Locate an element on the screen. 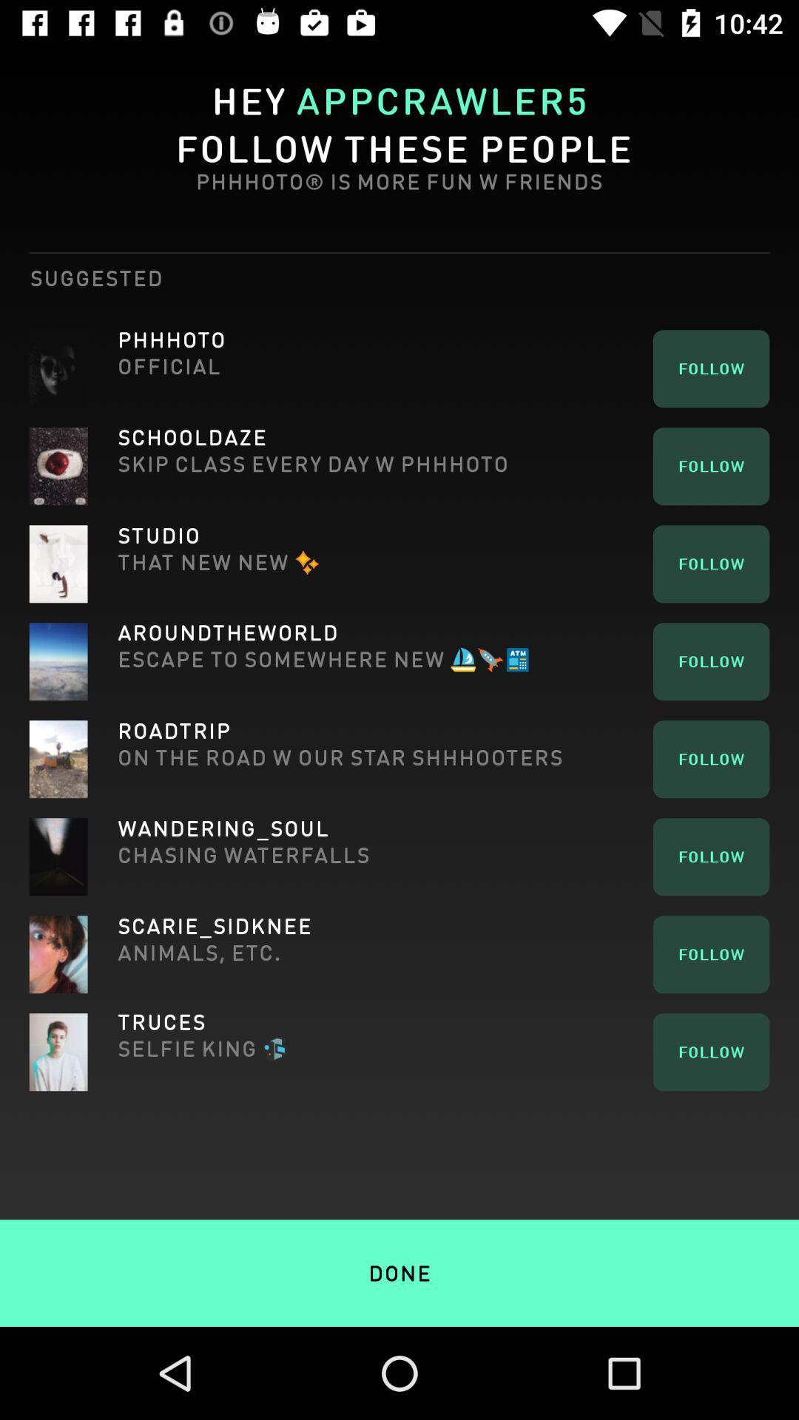 This screenshot has width=799, height=1420. done with suggested accounts is located at coordinates (399, 1242).